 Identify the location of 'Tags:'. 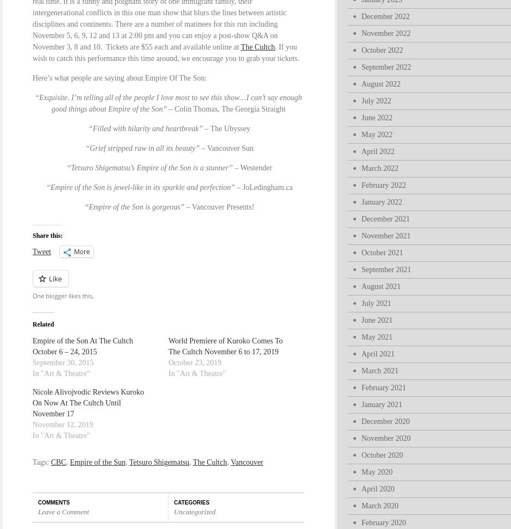
(32, 462).